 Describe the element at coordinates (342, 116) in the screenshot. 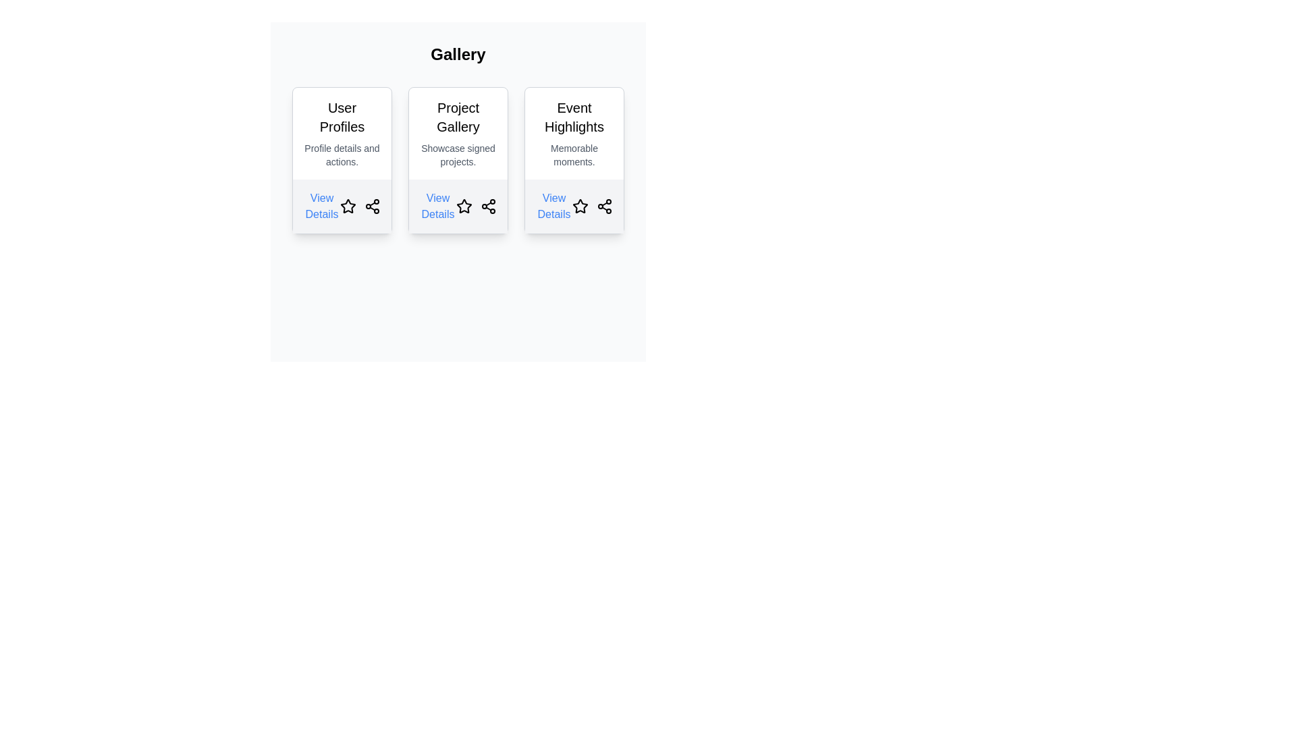

I see `the text label that serves as the title or heading for the leftmost card in the interface, located at the top-left section above the descriptive text` at that location.